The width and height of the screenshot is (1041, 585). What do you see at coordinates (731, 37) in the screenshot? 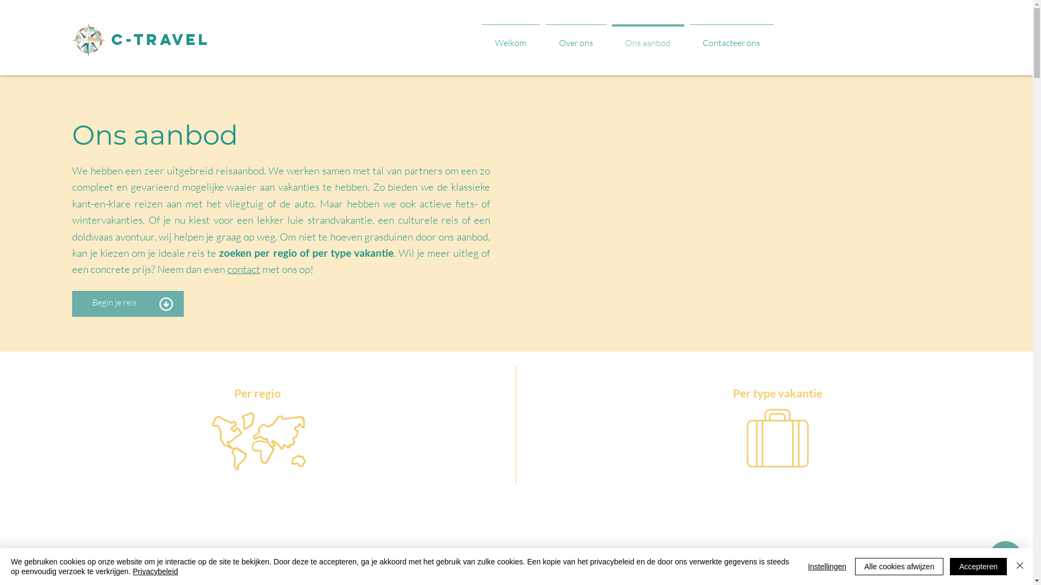
I see `'Contacteer ons'` at bounding box center [731, 37].